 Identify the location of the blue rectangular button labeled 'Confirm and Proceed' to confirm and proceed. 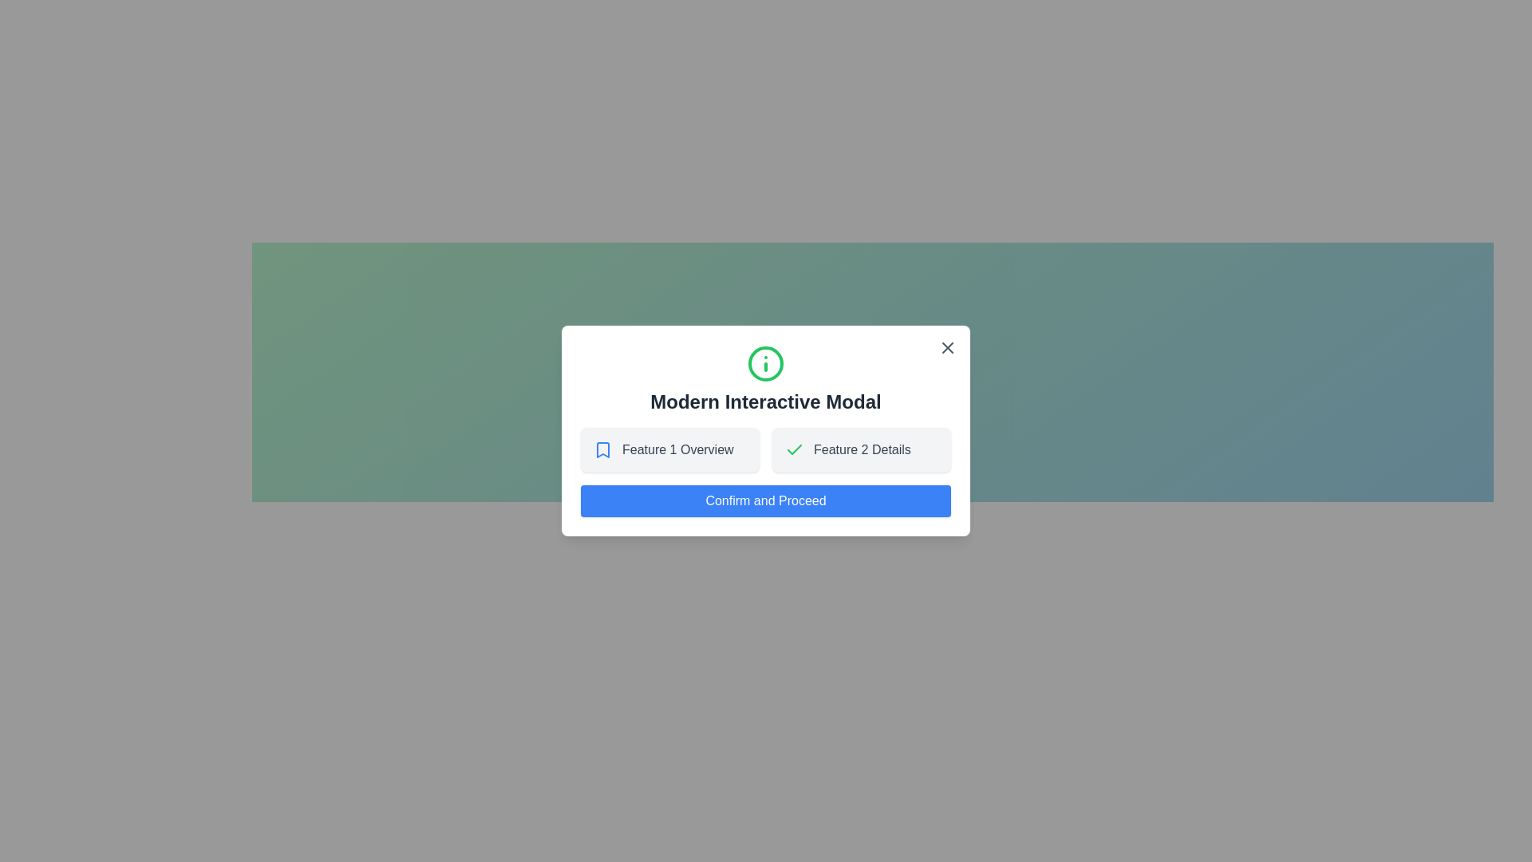
(766, 500).